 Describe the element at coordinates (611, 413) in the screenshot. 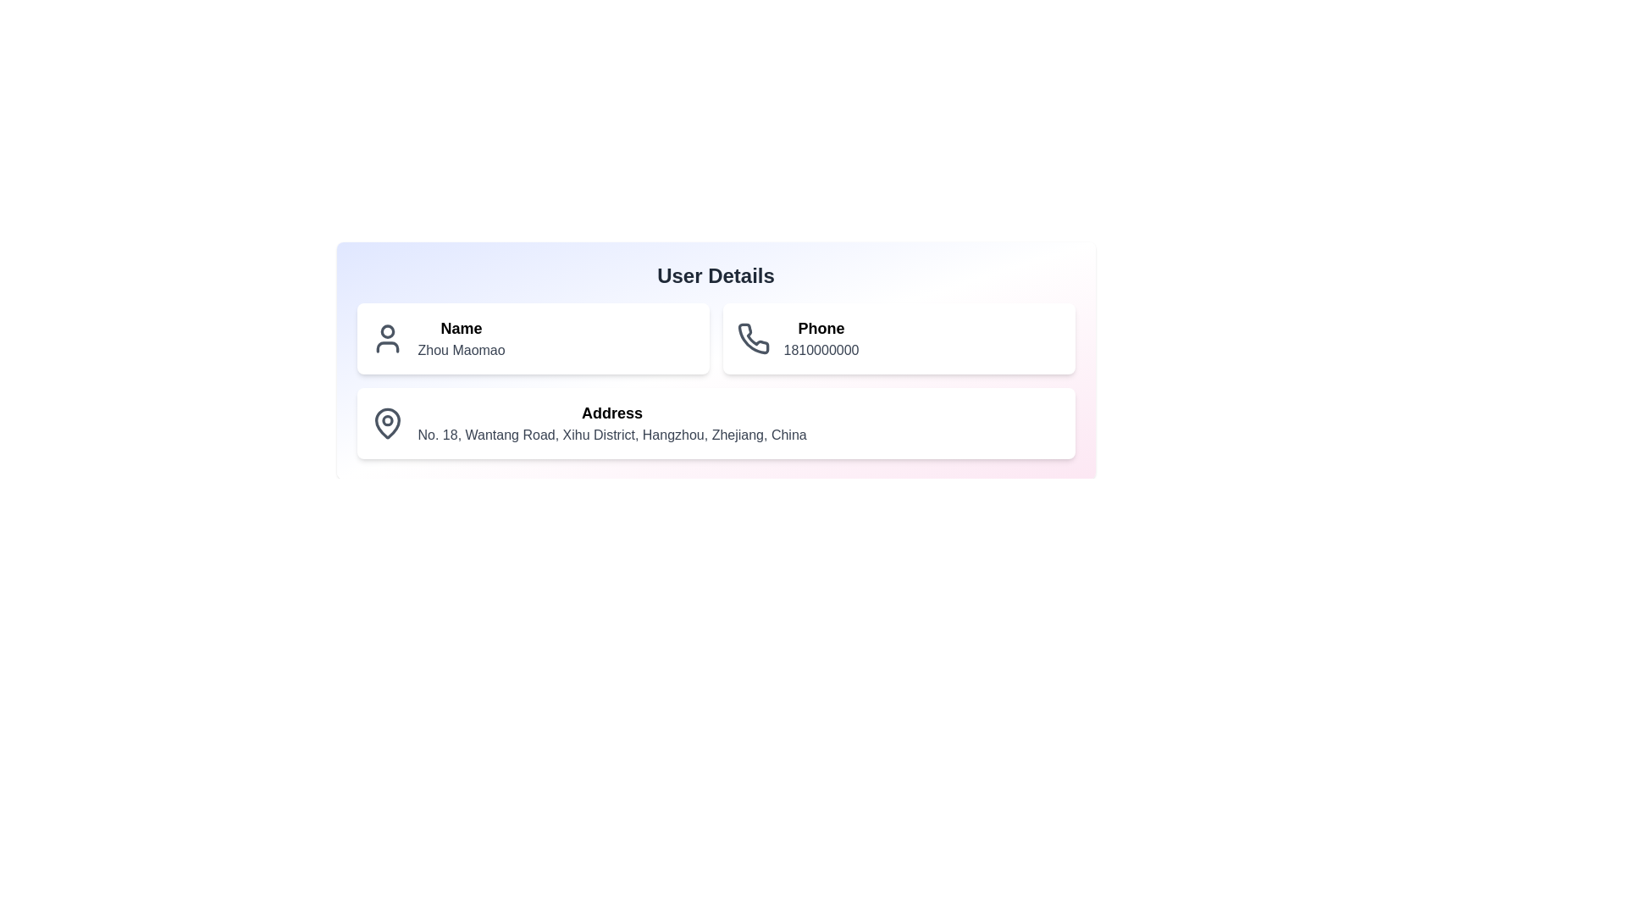

I see `the bold text label 'Address' located in the lower section of the 'User Details' card, which serves as a heading for the address information` at that location.